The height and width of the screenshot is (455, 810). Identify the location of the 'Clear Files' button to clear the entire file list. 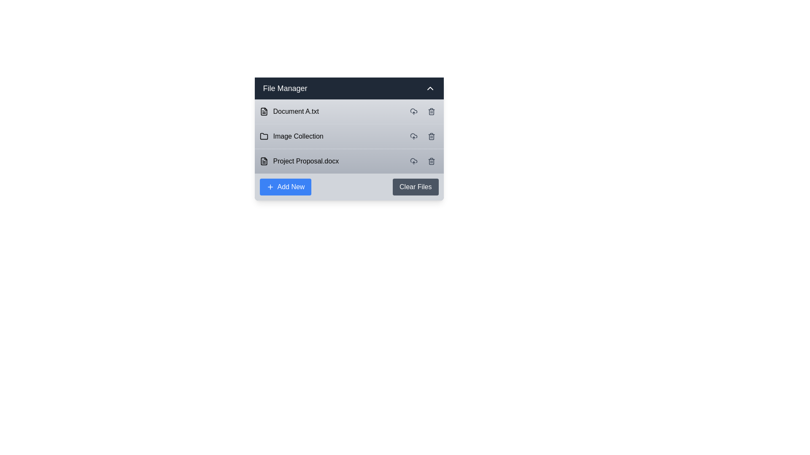
(415, 186).